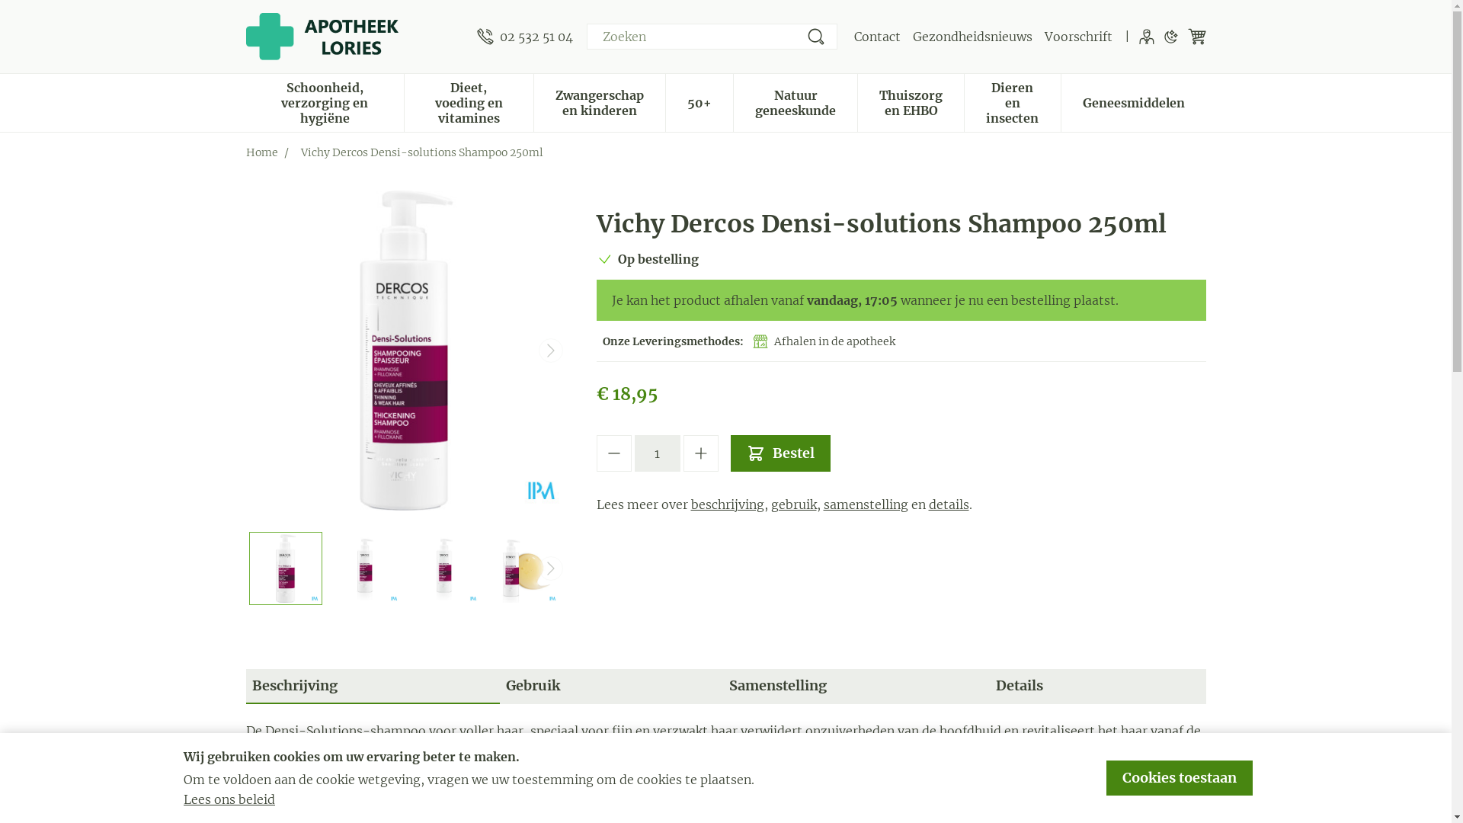  Describe the element at coordinates (354, 35) in the screenshot. I see `'Apotheek Lories'` at that location.